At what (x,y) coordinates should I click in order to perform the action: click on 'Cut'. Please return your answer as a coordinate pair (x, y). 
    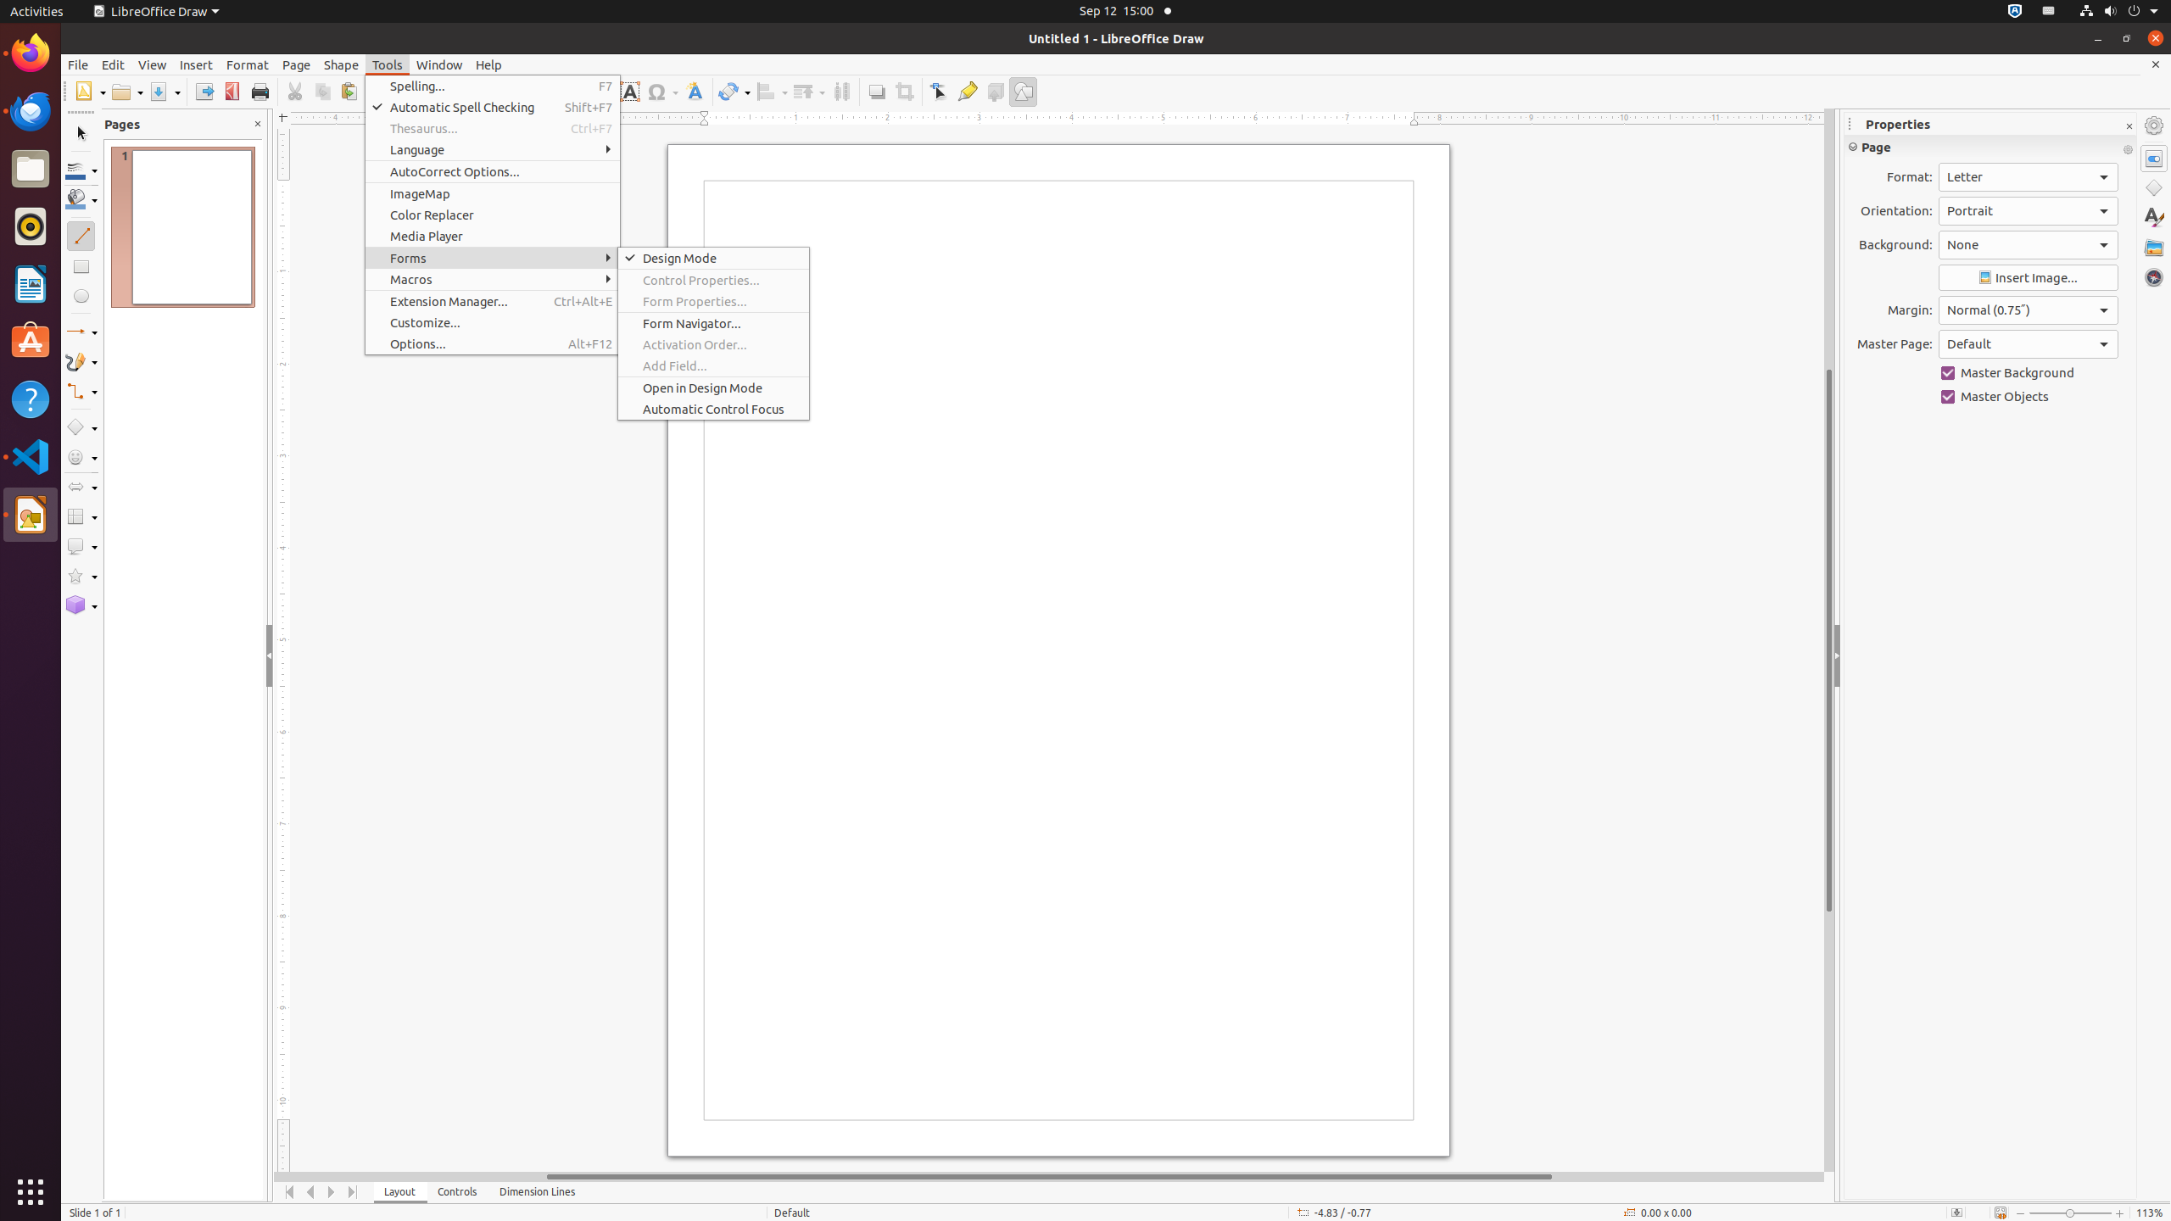
    Looking at the image, I should click on (293, 91).